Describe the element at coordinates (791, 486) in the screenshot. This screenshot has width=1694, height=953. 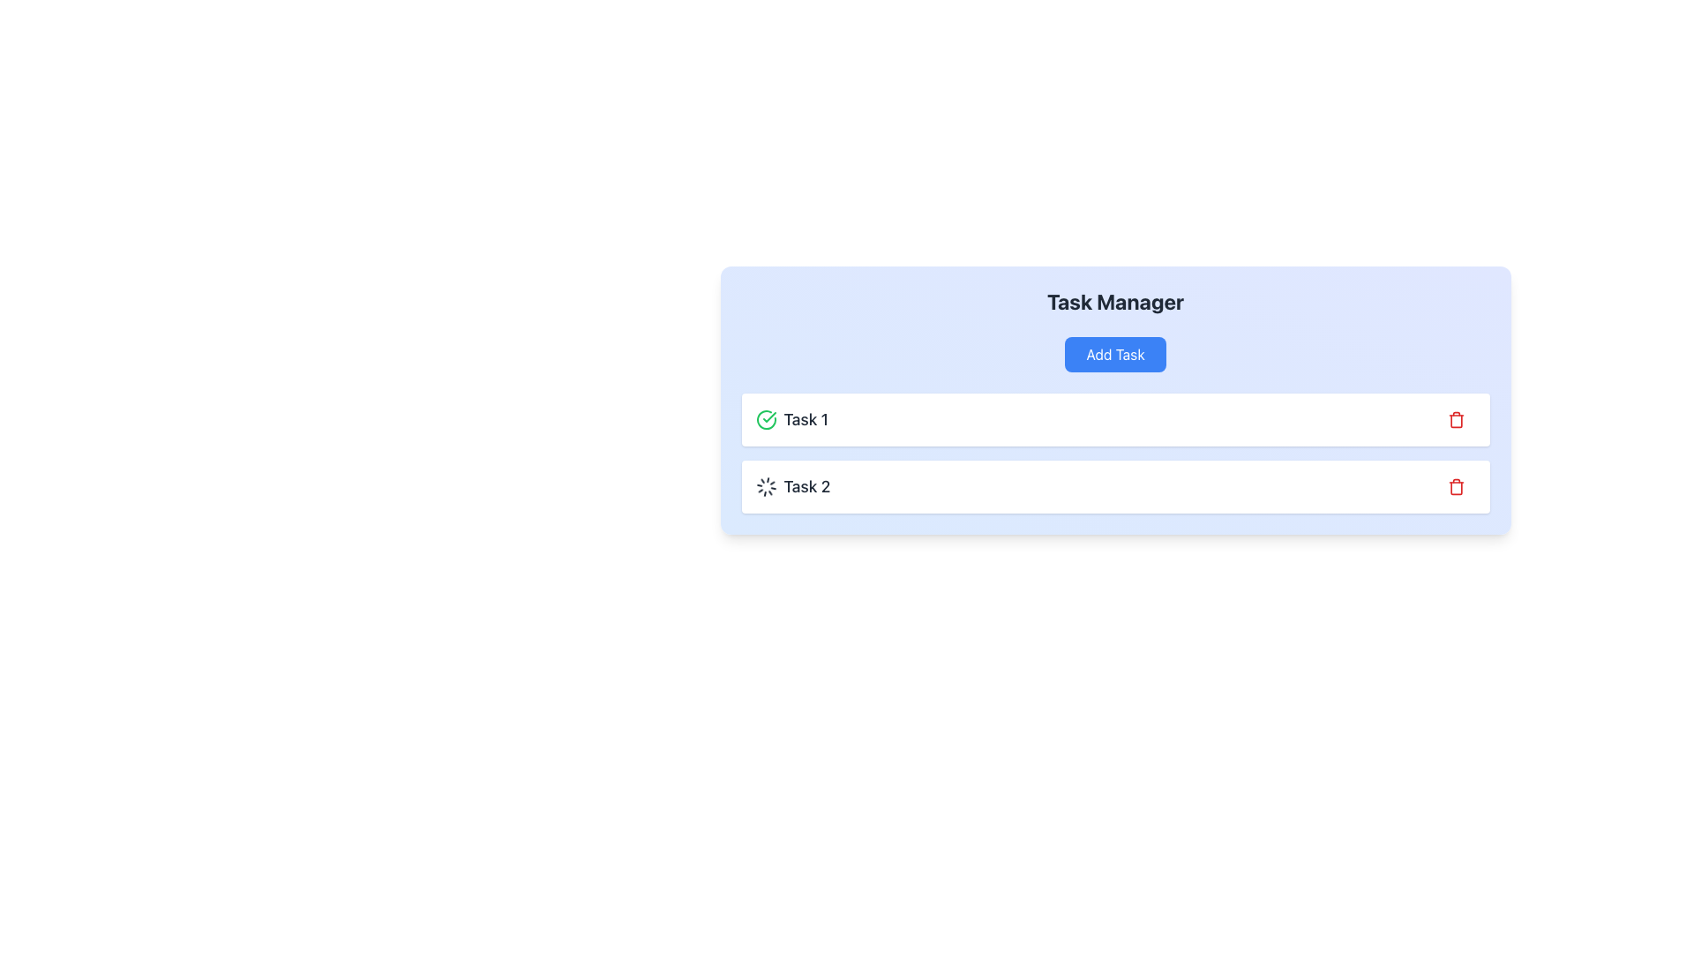
I see `the 'Task 2' label with a spinning loader icon` at that location.